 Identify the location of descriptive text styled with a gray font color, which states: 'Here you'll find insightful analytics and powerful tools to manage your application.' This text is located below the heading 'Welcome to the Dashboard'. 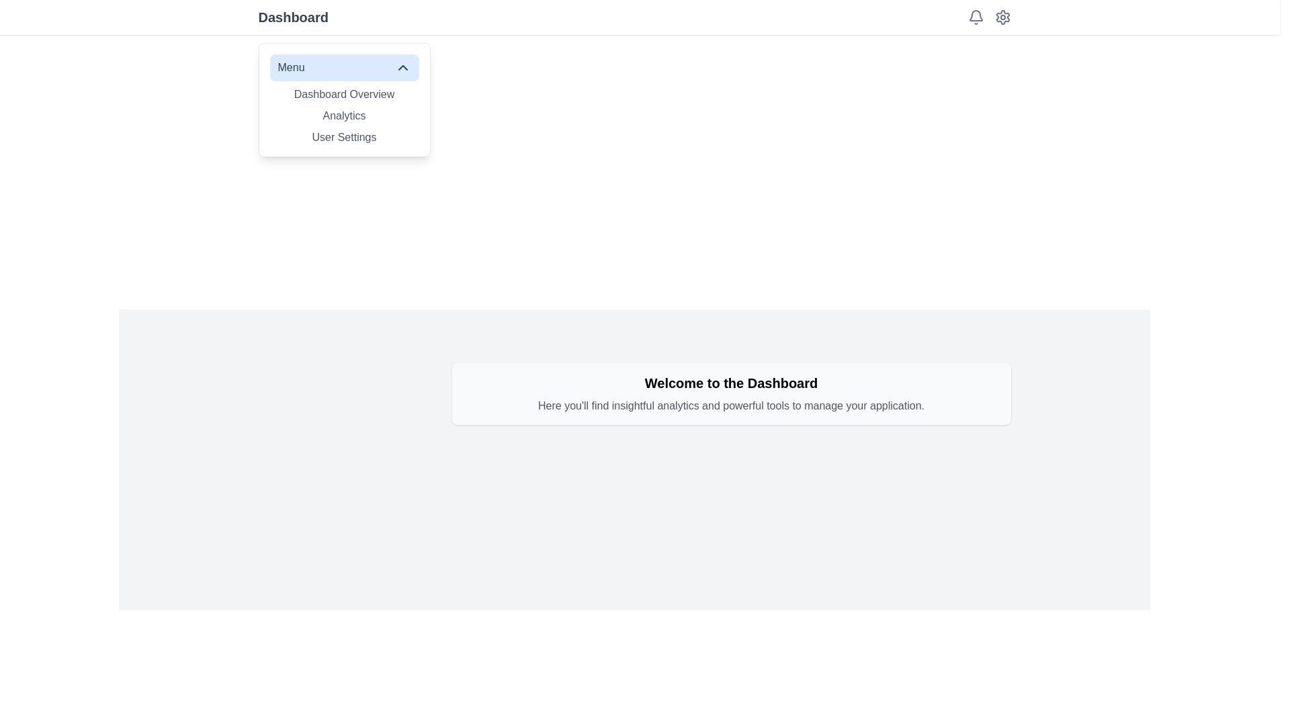
(730, 405).